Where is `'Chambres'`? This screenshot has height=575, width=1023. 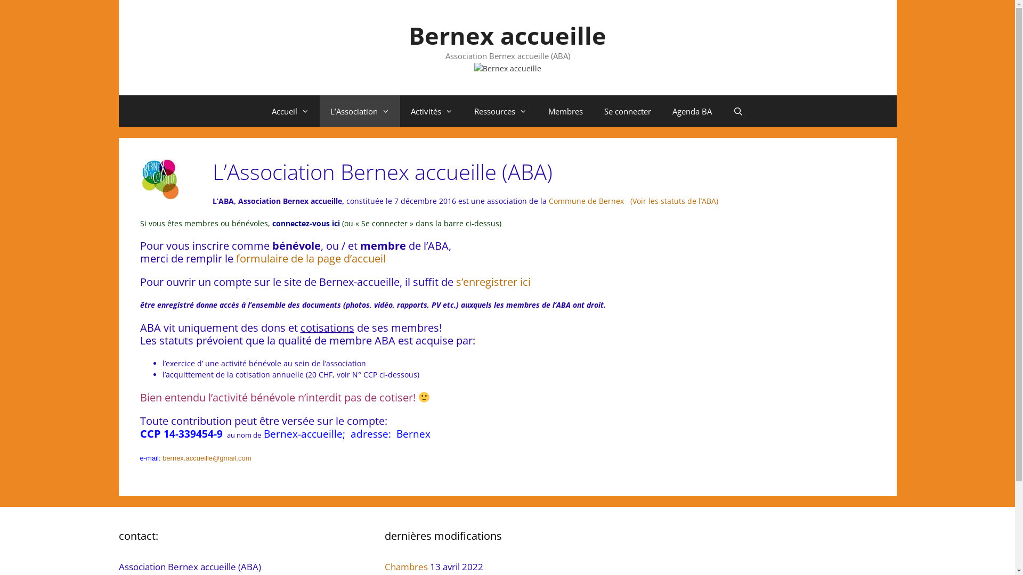
'Chambres' is located at coordinates (405, 566).